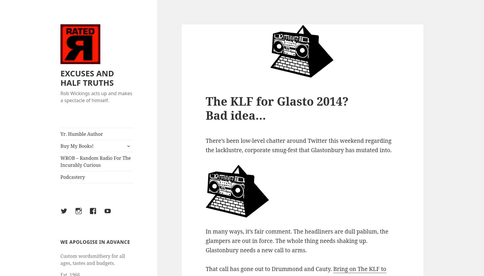 The width and height of the screenshot is (484, 276). Describe the element at coordinates (96, 96) in the screenshot. I see `'Rob Wickings acts up and makes a spectacle of himself.'` at that location.